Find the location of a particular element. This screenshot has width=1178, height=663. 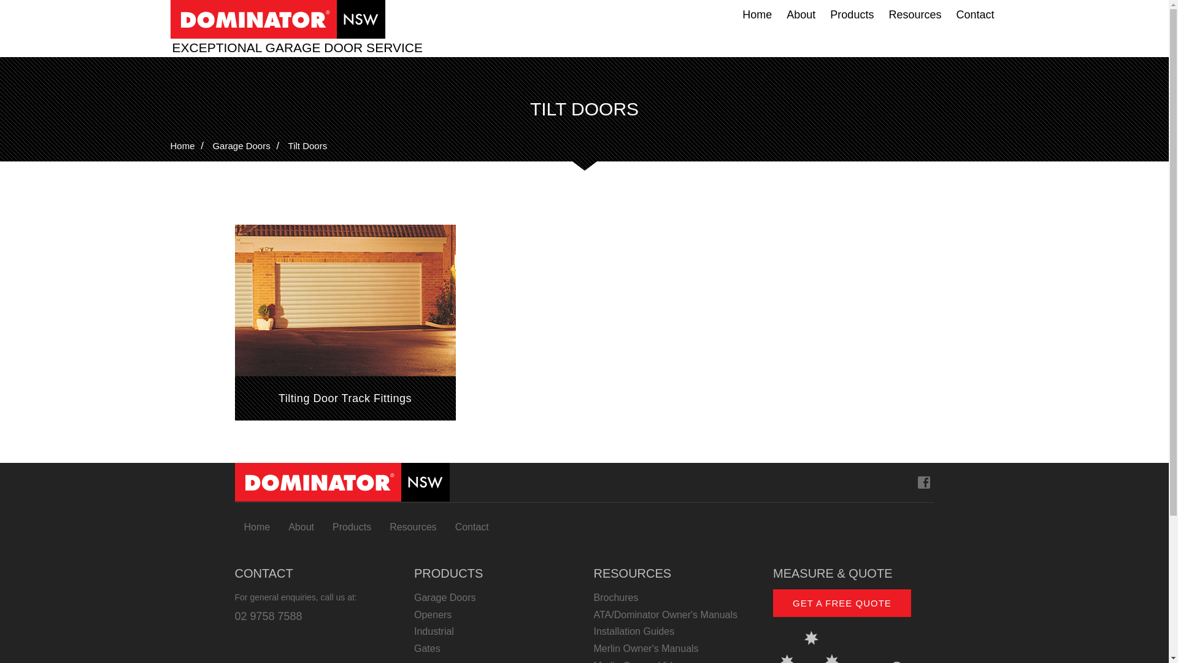

'Products' is located at coordinates (822, 14).